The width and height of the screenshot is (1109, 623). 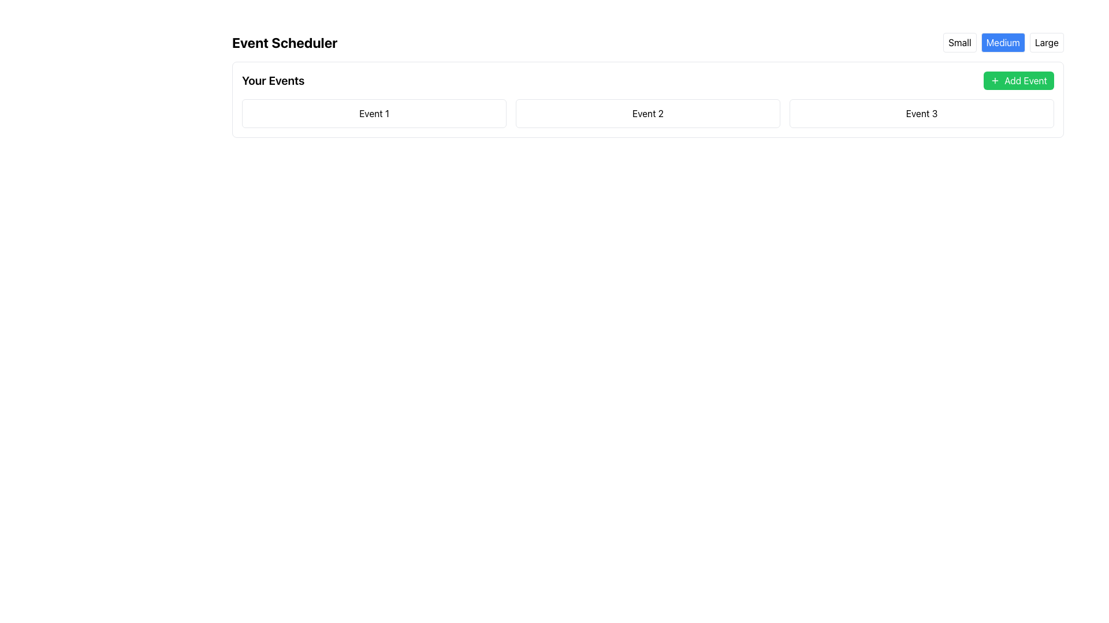 What do you see at coordinates (648, 113) in the screenshot?
I see `the Text Display Box labeled 'Event 2', which is the second element in a grid layout below the 'Your Events' title` at bounding box center [648, 113].